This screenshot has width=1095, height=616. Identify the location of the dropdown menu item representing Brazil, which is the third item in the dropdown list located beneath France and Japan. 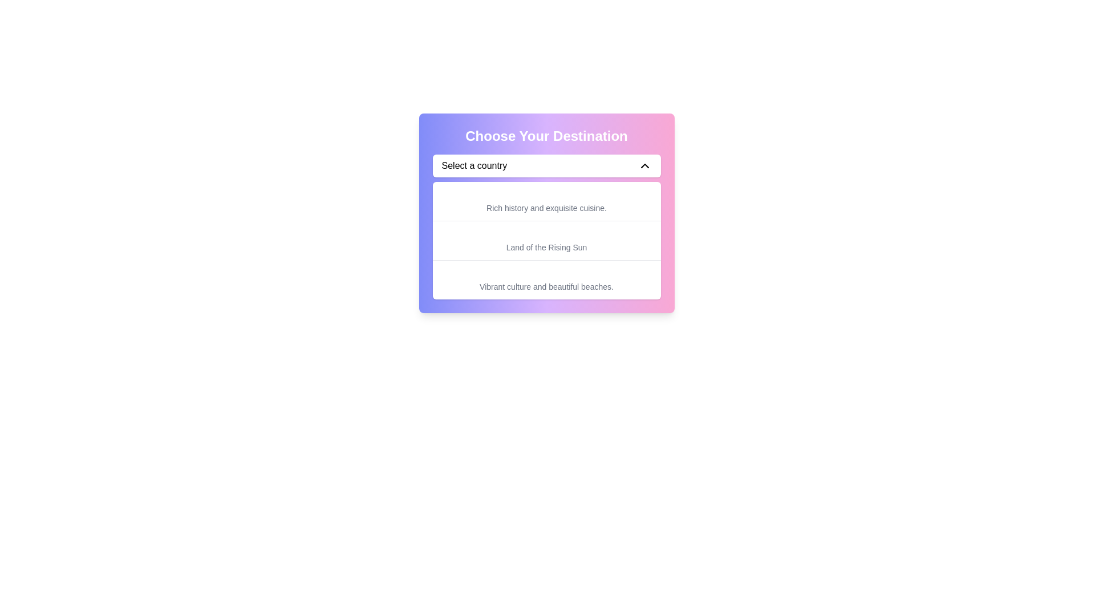
(546, 279).